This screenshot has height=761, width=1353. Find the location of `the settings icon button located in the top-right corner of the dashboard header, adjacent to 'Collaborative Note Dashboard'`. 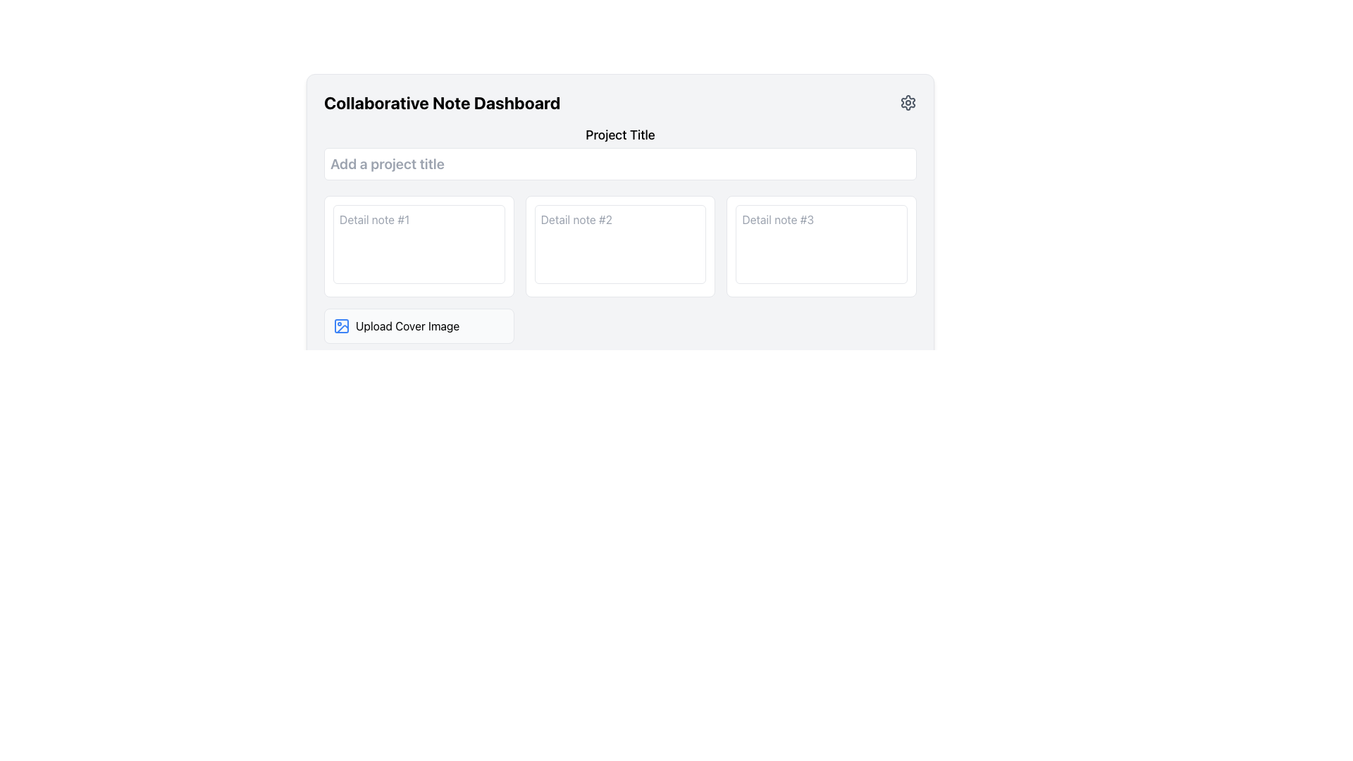

the settings icon button located in the top-right corner of the dashboard header, adjacent to 'Collaborative Note Dashboard' is located at coordinates (908, 102).